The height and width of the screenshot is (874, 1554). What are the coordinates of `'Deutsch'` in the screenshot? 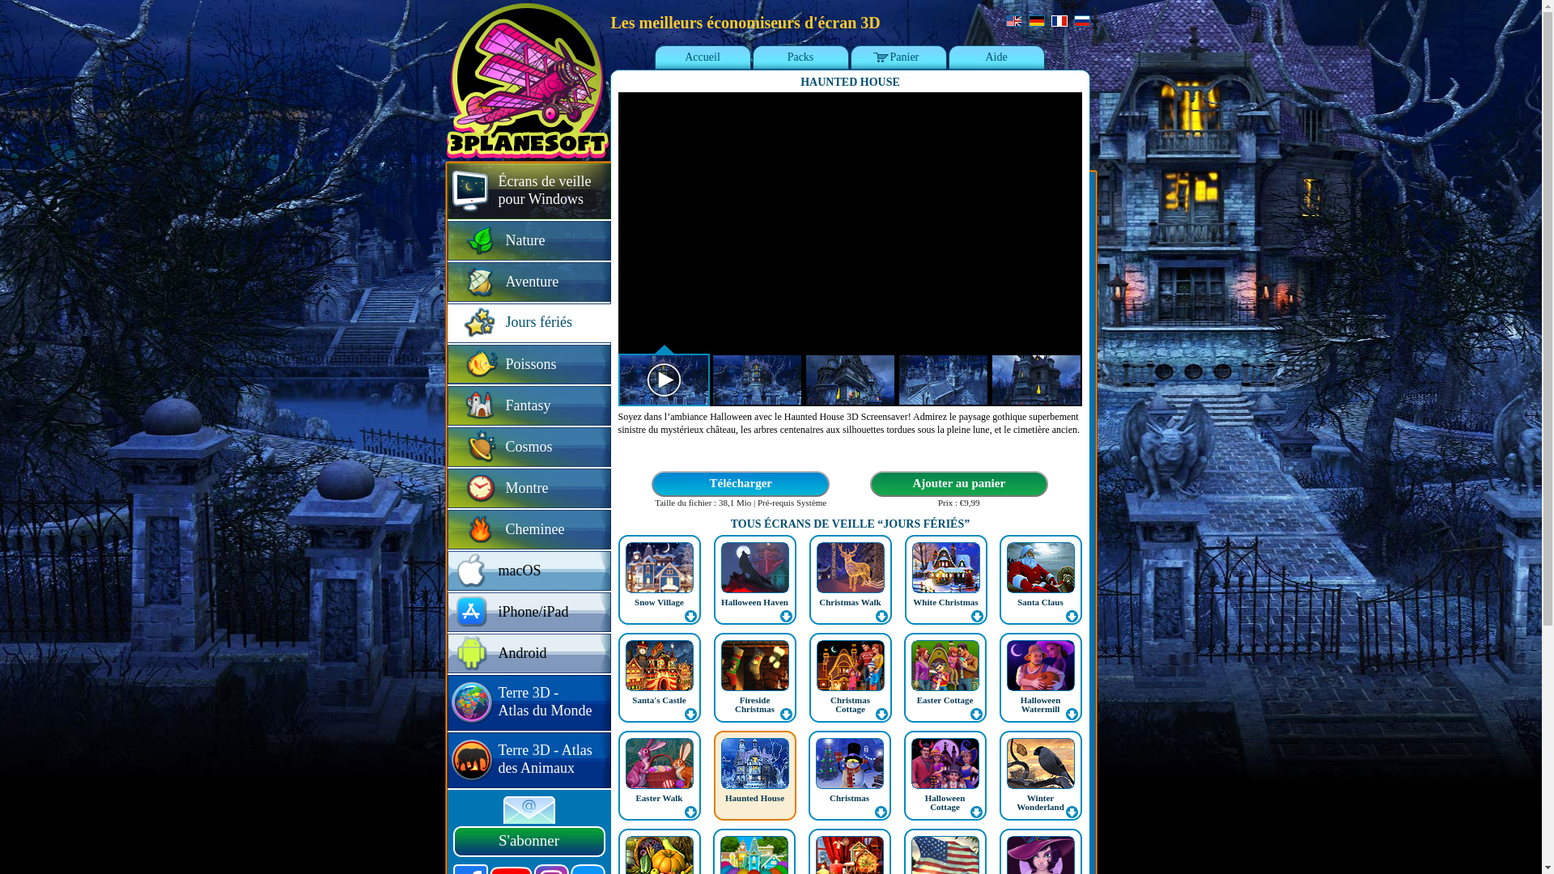 It's located at (1036, 21).